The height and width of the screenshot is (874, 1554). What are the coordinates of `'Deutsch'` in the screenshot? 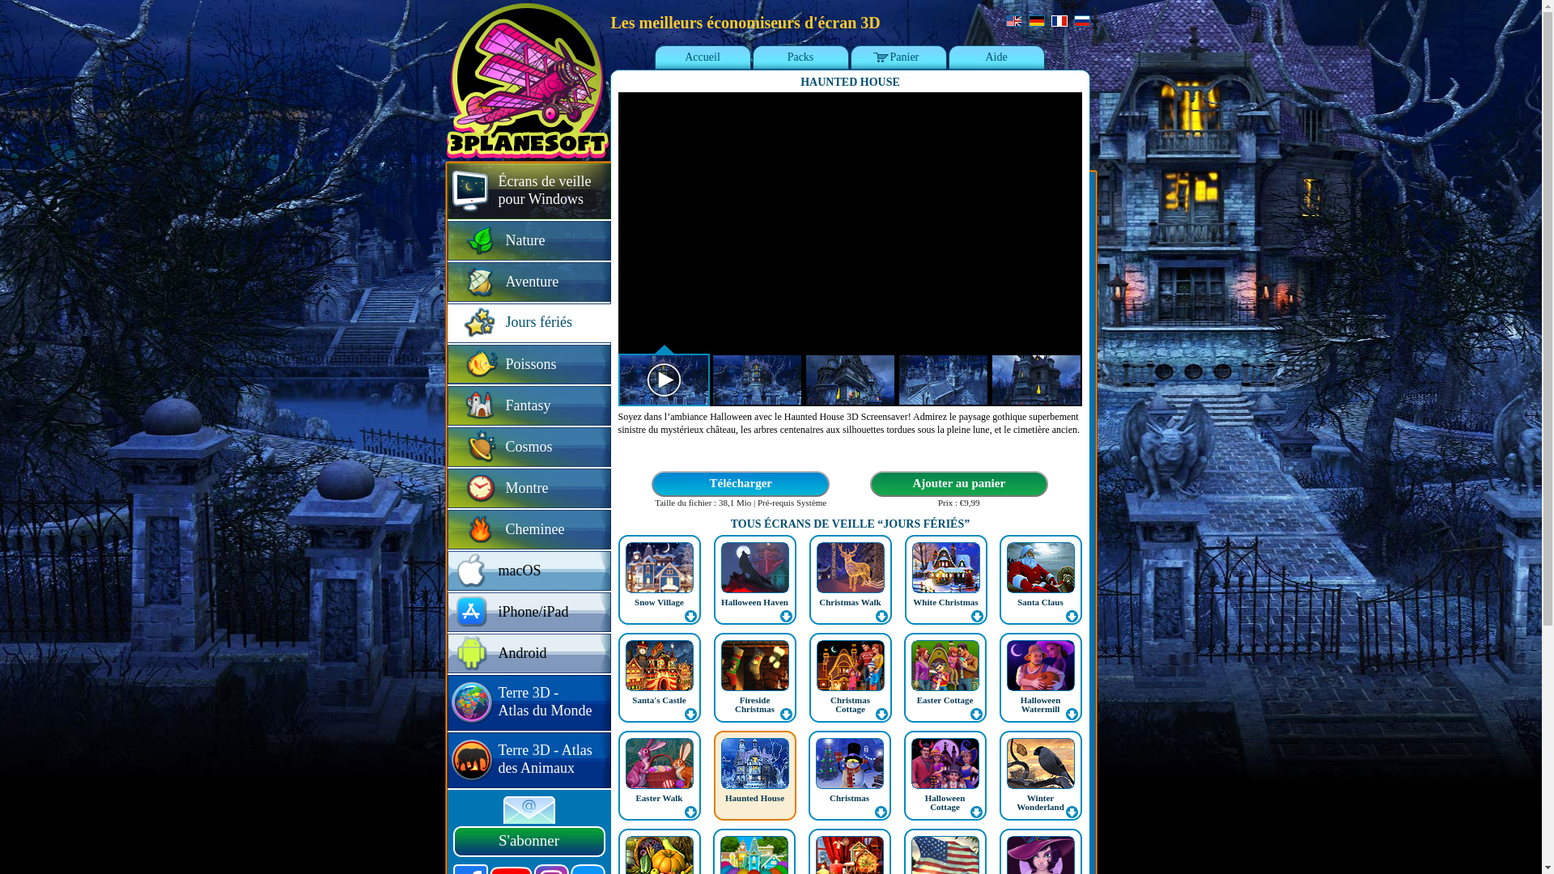 It's located at (1036, 21).